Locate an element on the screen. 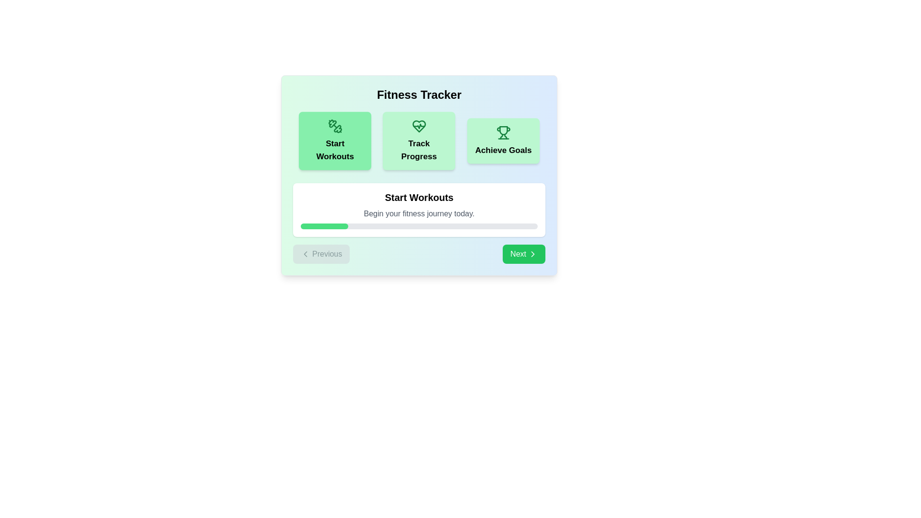 This screenshot has width=921, height=518. the bold 'Start Workouts' static text label, which is prominently displayed in a large font, indicating its importance within the user interface is located at coordinates (419, 197).